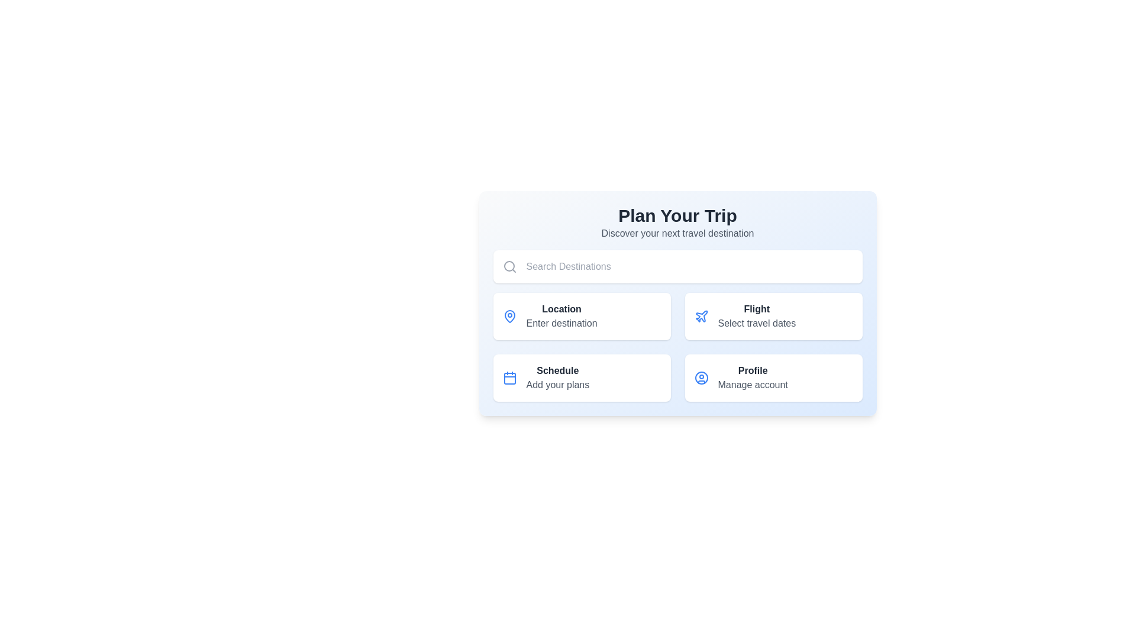  I want to click on the largest circle in the SVG graphic located in the bottom-right quadrant of the main panel, aligned with the text 'Profile: Manage account.', so click(701, 378).